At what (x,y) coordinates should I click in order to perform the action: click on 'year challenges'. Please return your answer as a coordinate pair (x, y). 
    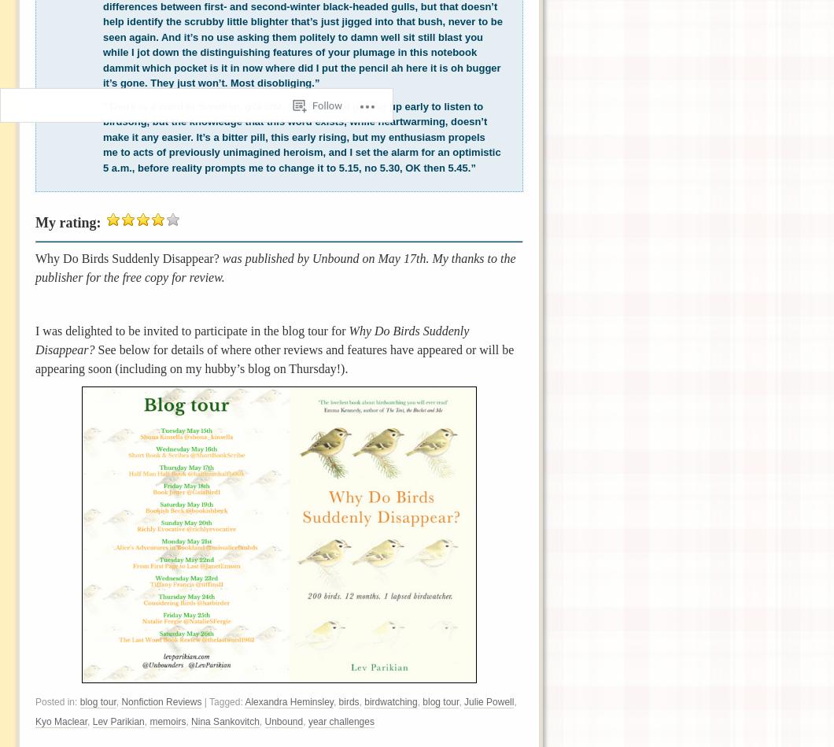
    Looking at the image, I should click on (340, 721).